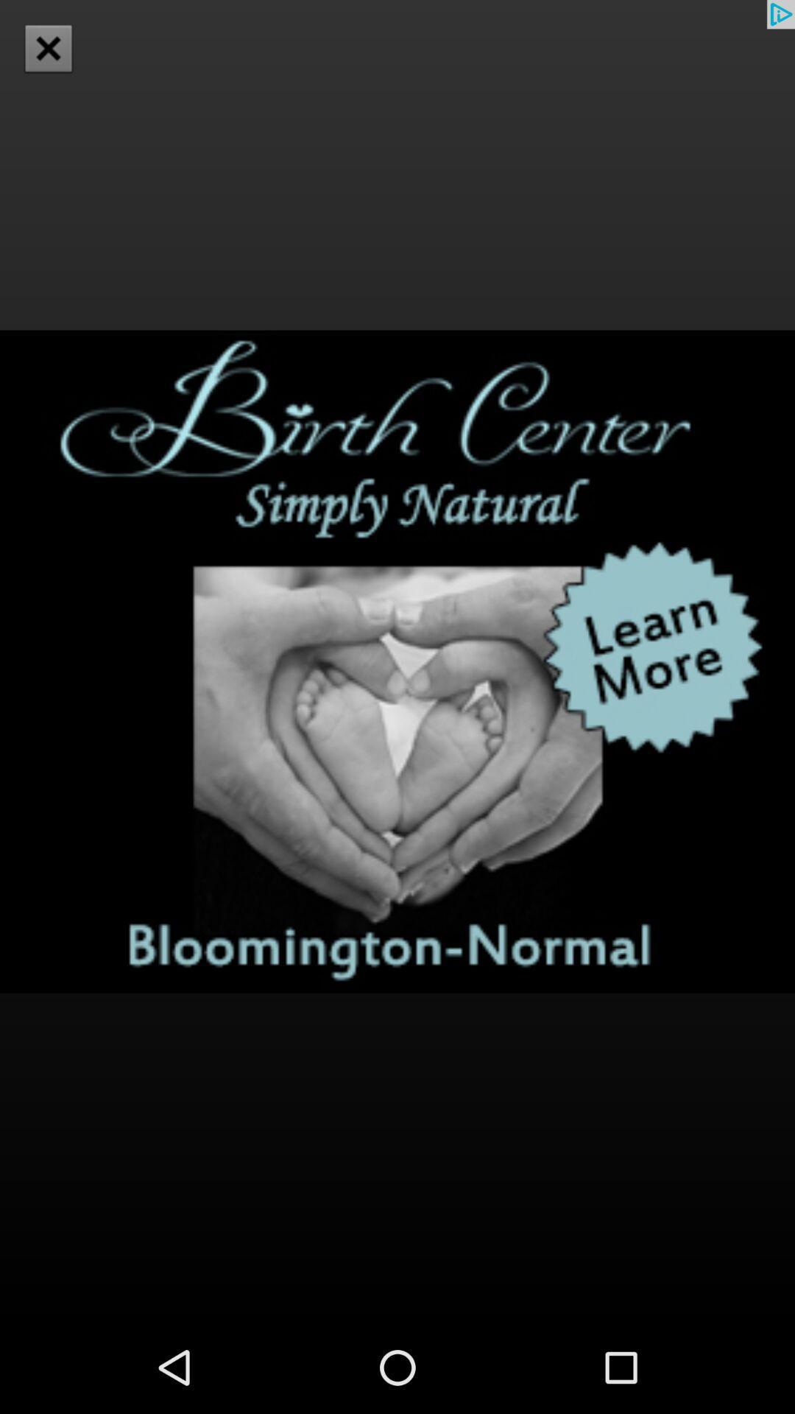 Image resolution: width=795 pixels, height=1414 pixels. Describe the element at coordinates (47, 52) in the screenshot. I see `the close icon` at that location.